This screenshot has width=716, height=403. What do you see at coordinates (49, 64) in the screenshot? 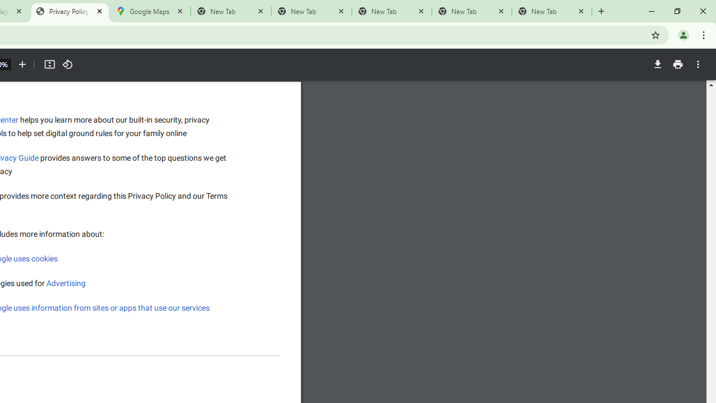
I see `'Fit to page'` at bounding box center [49, 64].